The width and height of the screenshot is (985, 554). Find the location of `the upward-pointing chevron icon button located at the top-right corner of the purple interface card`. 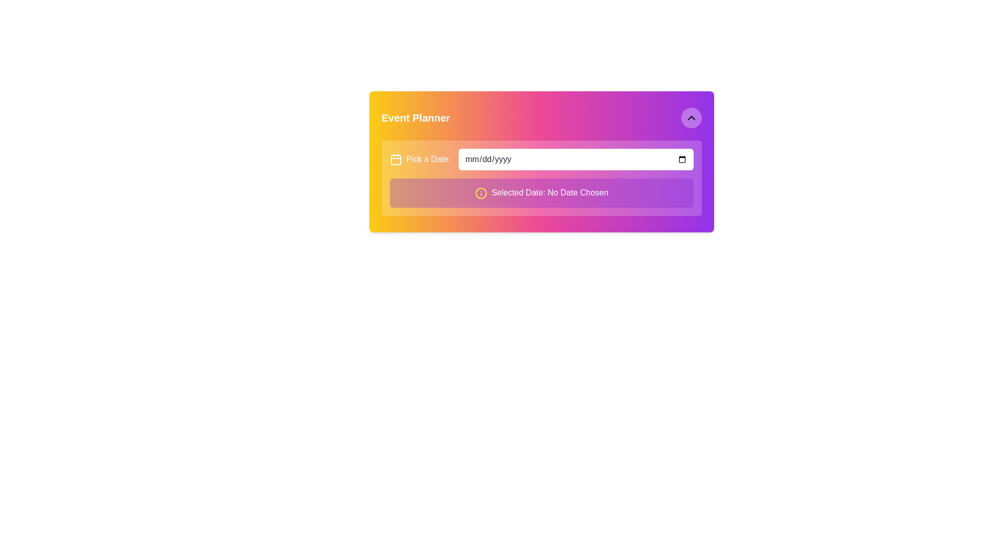

the upward-pointing chevron icon button located at the top-right corner of the purple interface card is located at coordinates (692, 117).